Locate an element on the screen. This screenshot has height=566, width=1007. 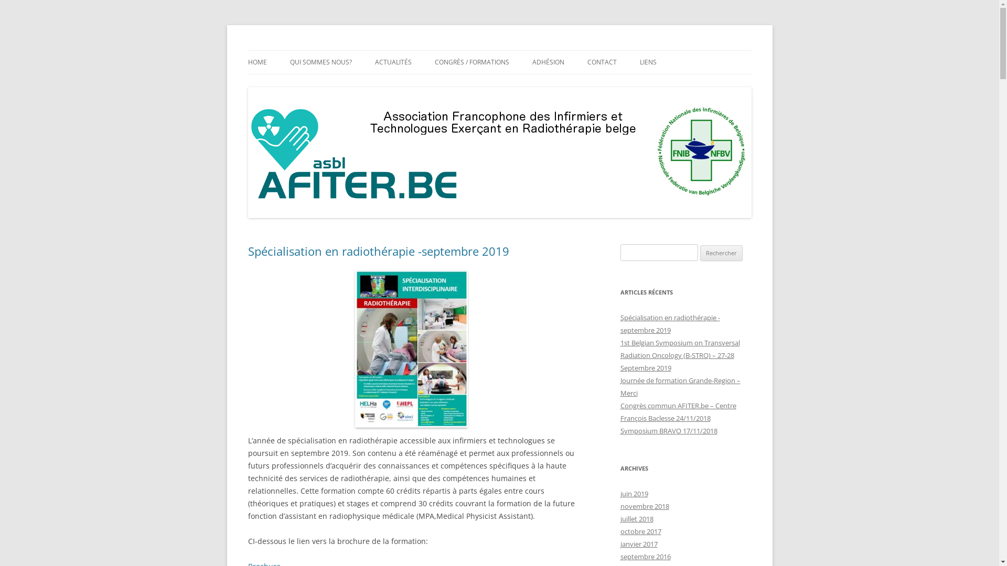
'POURQUOI DEVENIR MEMBRE?' is located at coordinates (583, 84).